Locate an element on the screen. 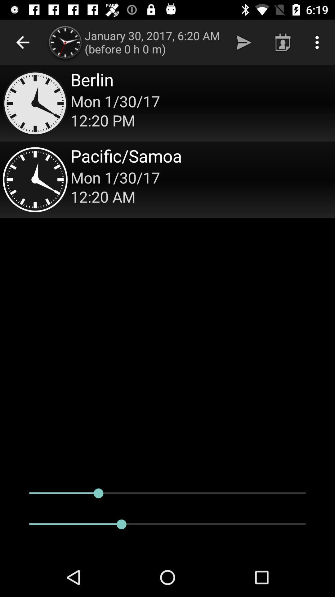 Image resolution: width=335 pixels, height=597 pixels. icon next to january 30 2017 item is located at coordinates (243, 42).